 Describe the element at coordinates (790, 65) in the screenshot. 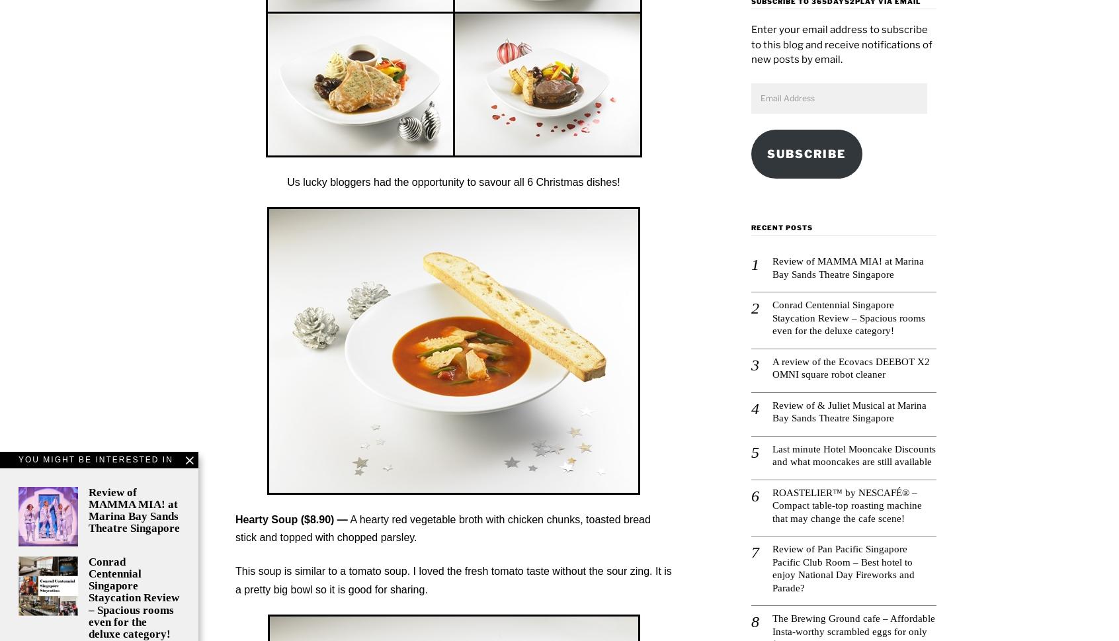

I see `'Travel'` at that location.